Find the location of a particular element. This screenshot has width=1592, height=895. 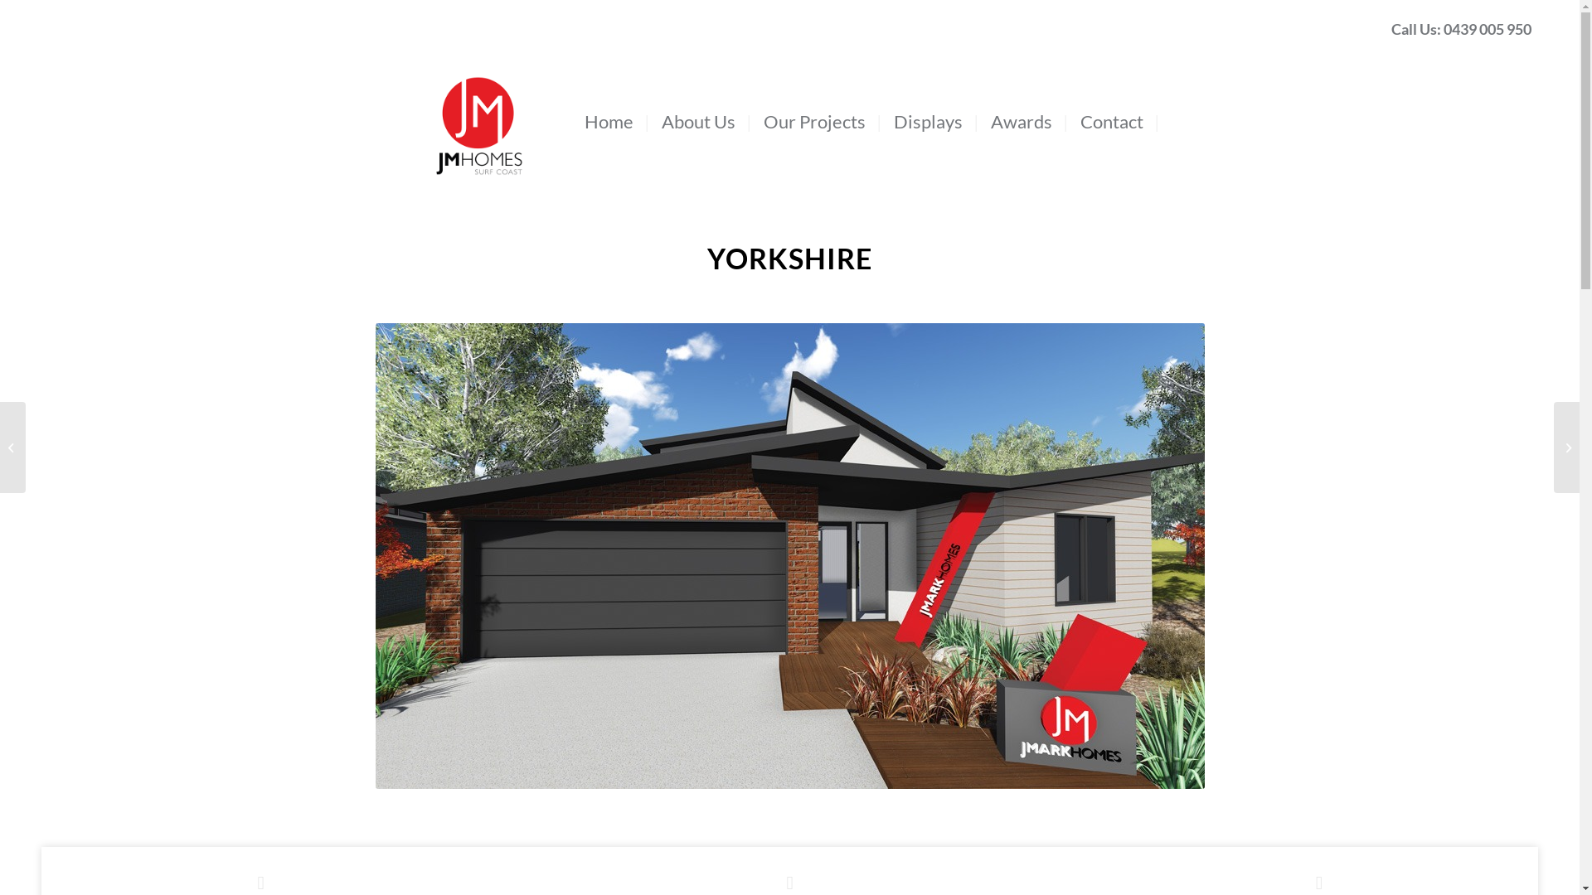

'Awards' is located at coordinates (1022, 120).